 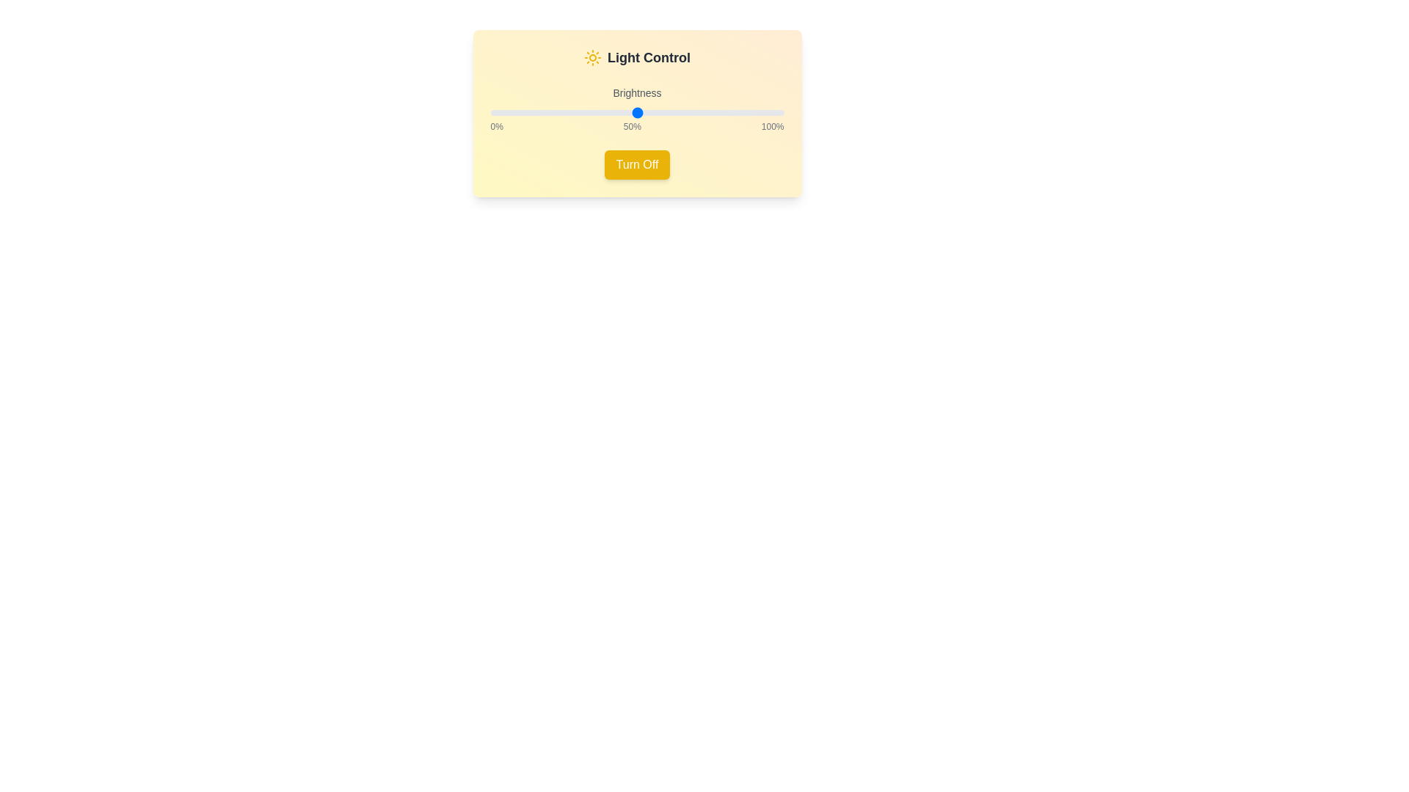 What do you see at coordinates (497, 126) in the screenshot?
I see `the text label indicating the minimum value of the brightness slider control, which displays '0% brightness'` at bounding box center [497, 126].